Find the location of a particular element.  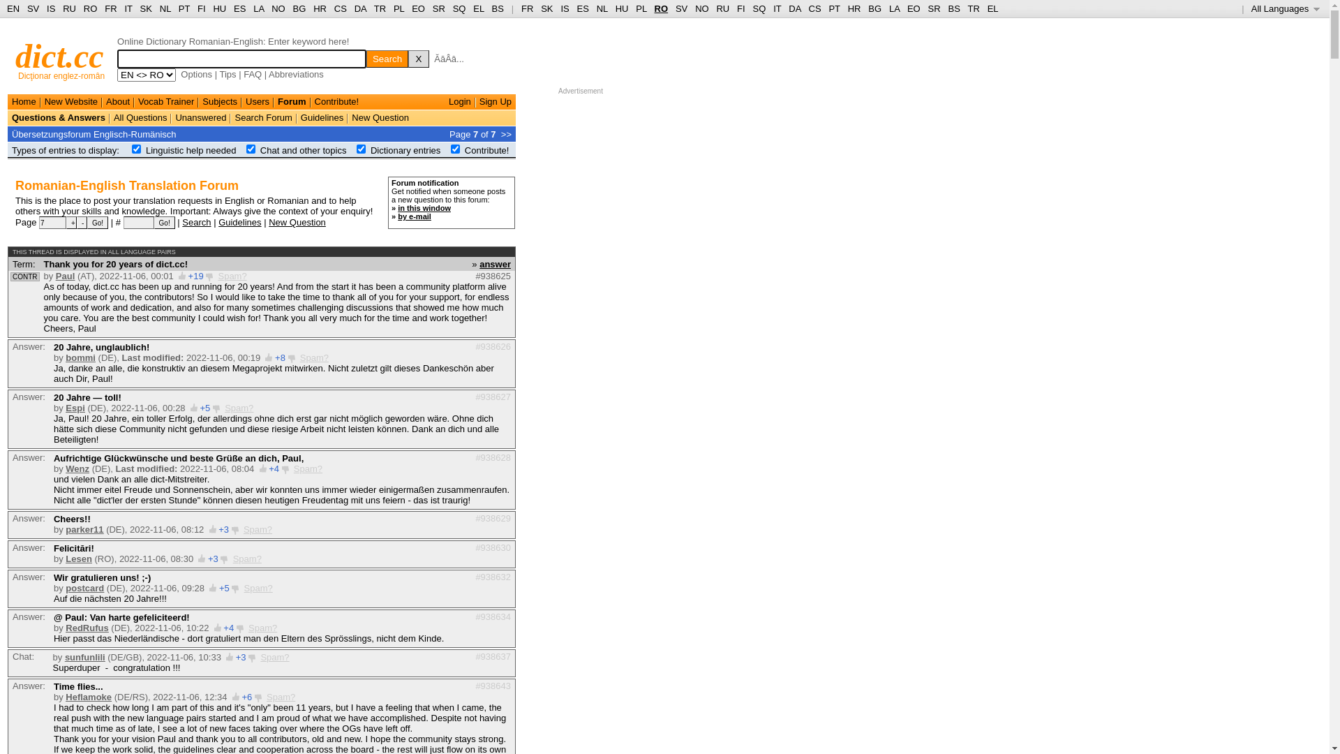

'Search Forum' is located at coordinates (263, 117).